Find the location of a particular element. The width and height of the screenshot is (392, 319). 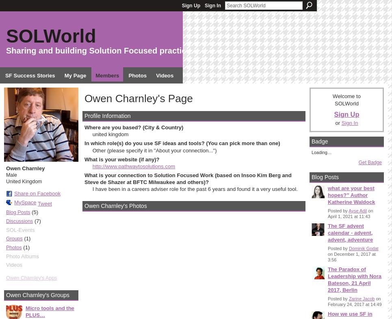

'Male' is located at coordinates (11, 174).